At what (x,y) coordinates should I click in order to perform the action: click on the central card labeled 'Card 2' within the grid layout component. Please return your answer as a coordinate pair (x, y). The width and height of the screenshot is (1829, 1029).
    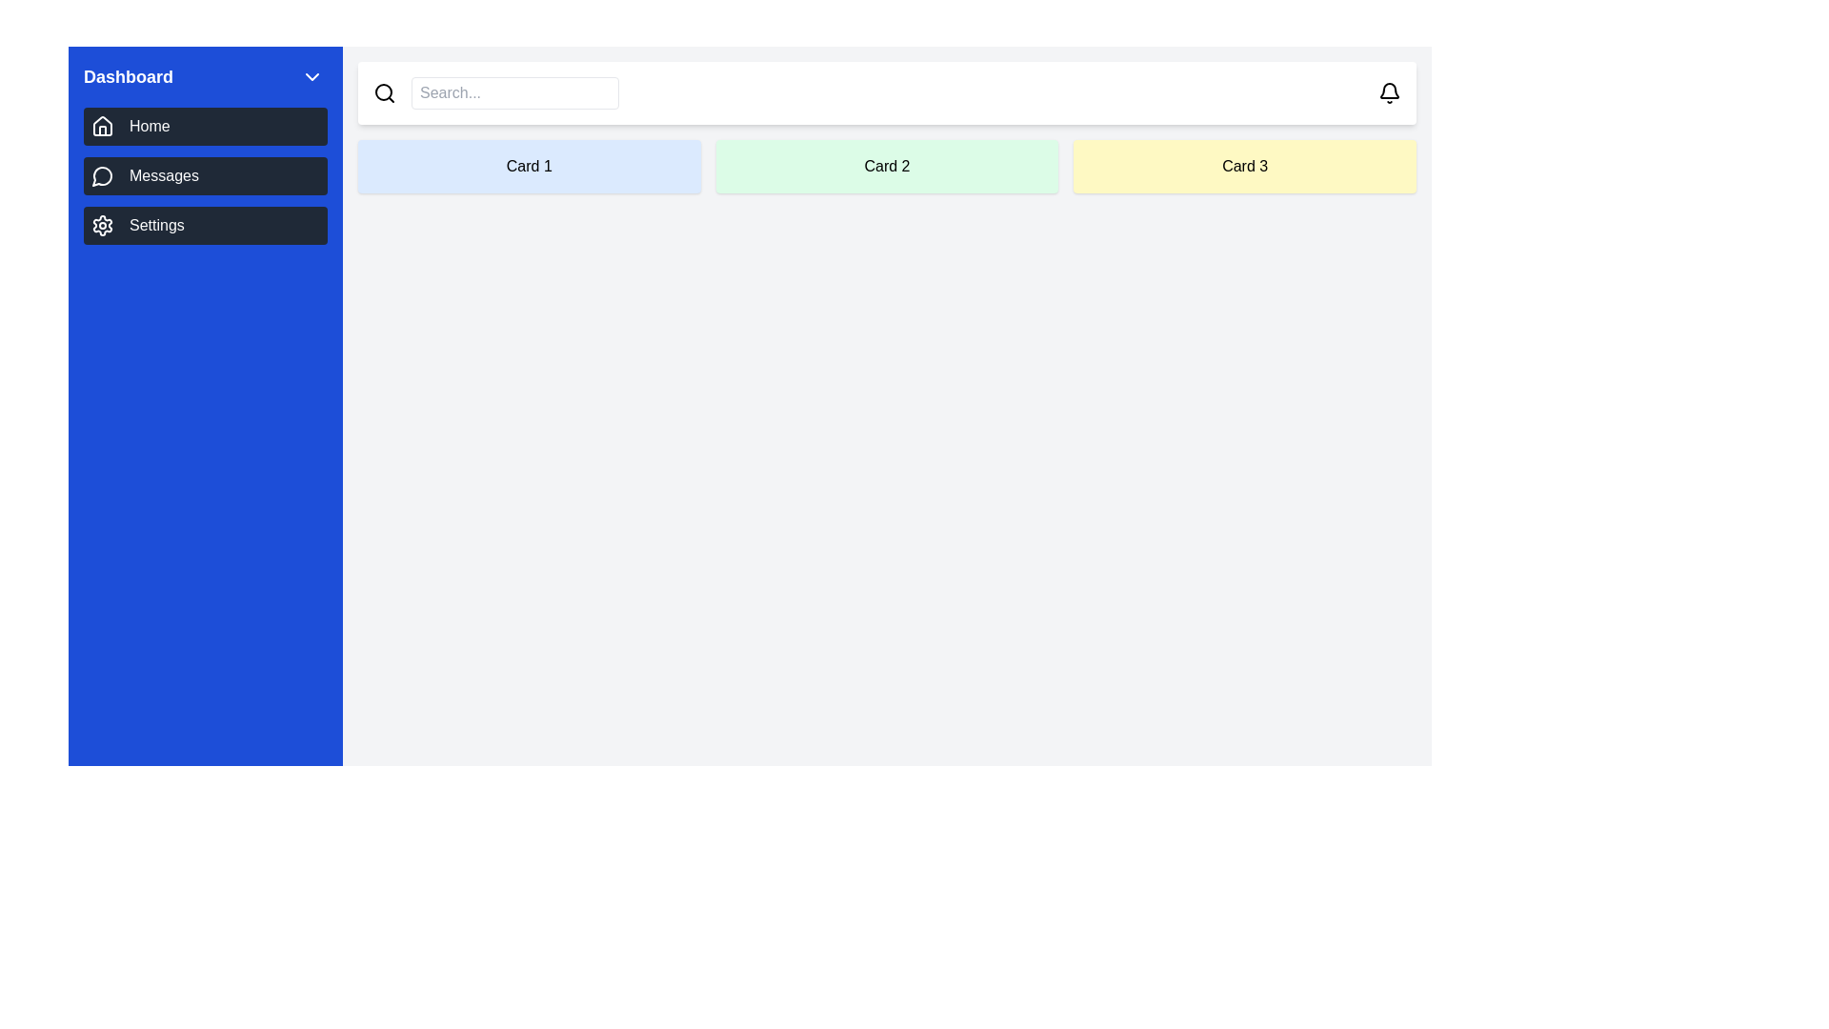
    Looking at the image, I should click on (886, 165).